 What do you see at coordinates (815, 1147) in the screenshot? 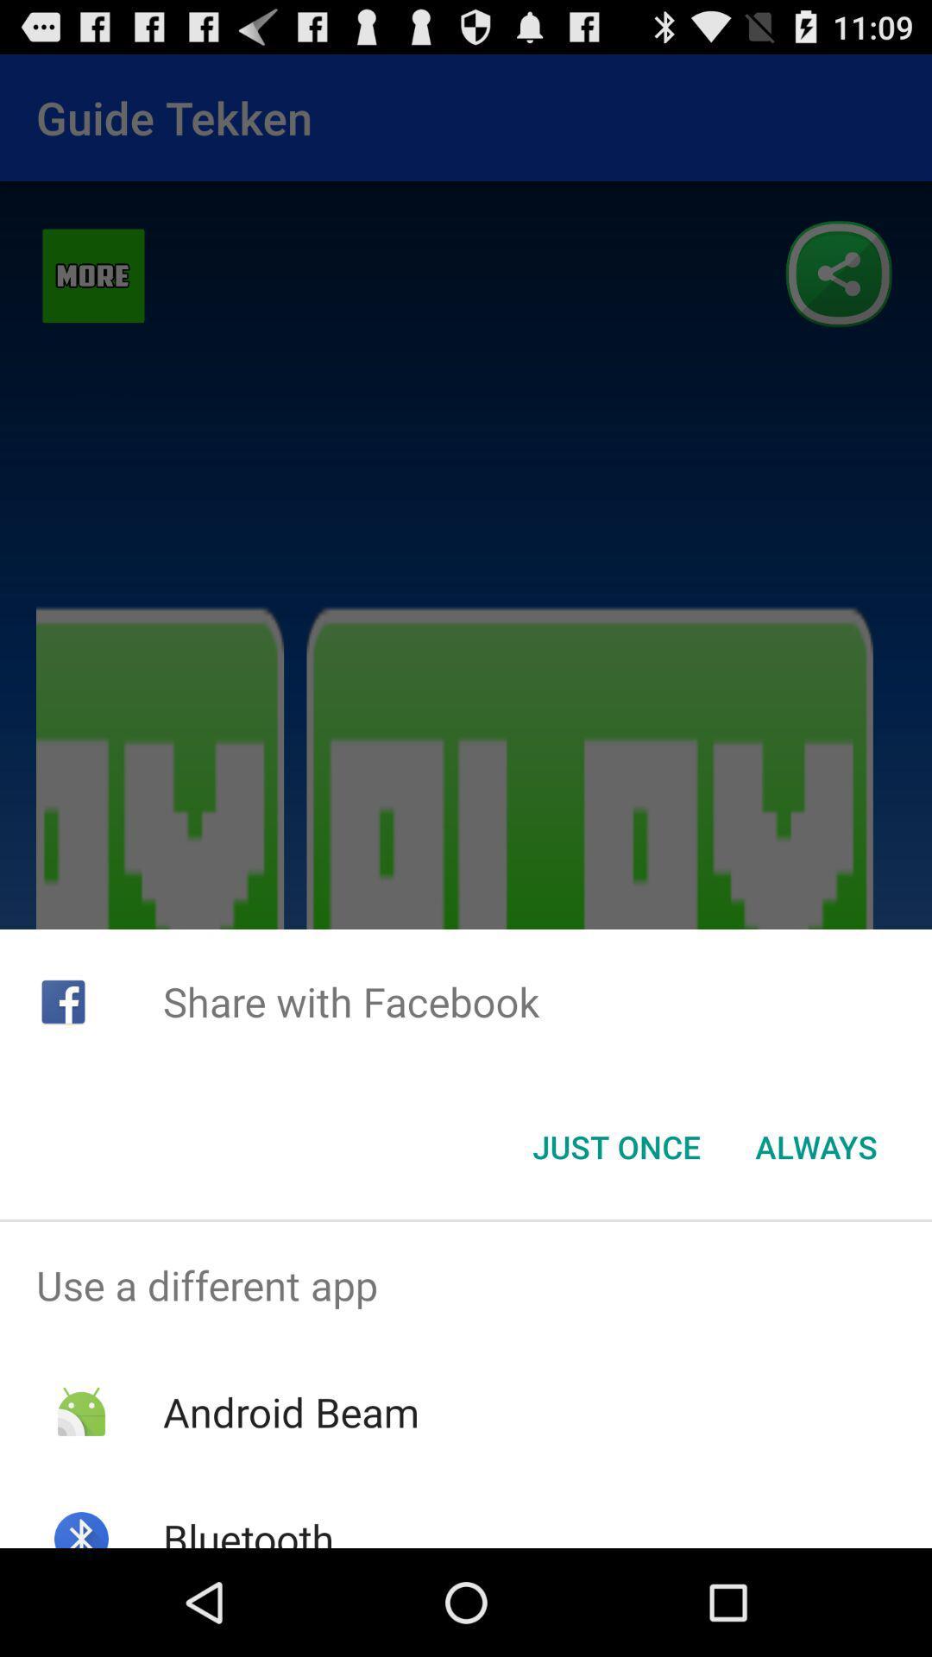
I see `the always` at bounding box center [815, 1147].